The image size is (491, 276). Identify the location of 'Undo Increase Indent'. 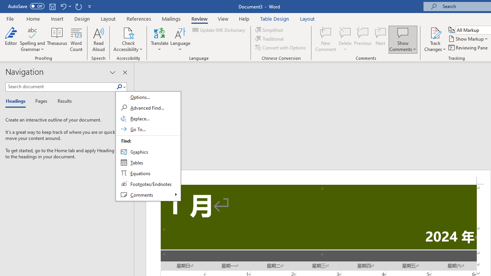
(63, 6).